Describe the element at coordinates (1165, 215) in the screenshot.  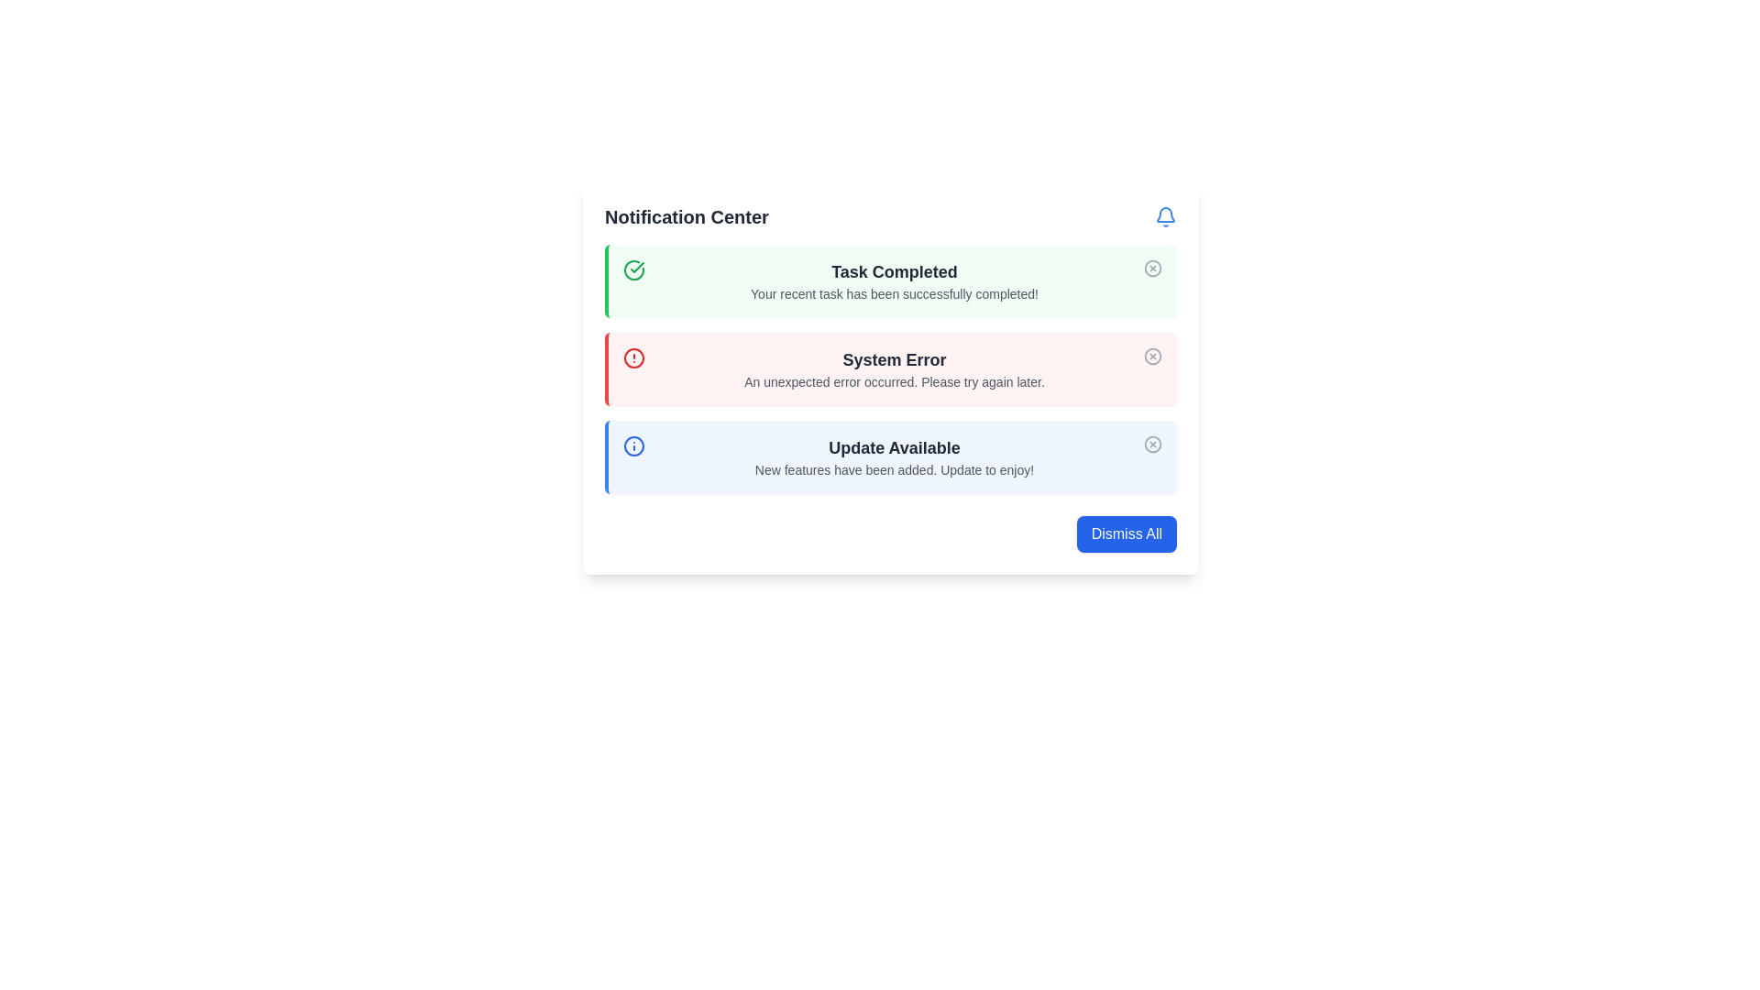
I see `the bell icon in the top-right corner of the Notification Center, which indicates notifications or alerts` at that location.